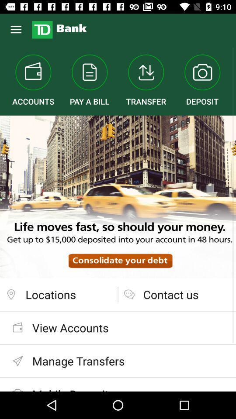 The image size is (236, 419). I want to click on contact us, so click(177, 294).